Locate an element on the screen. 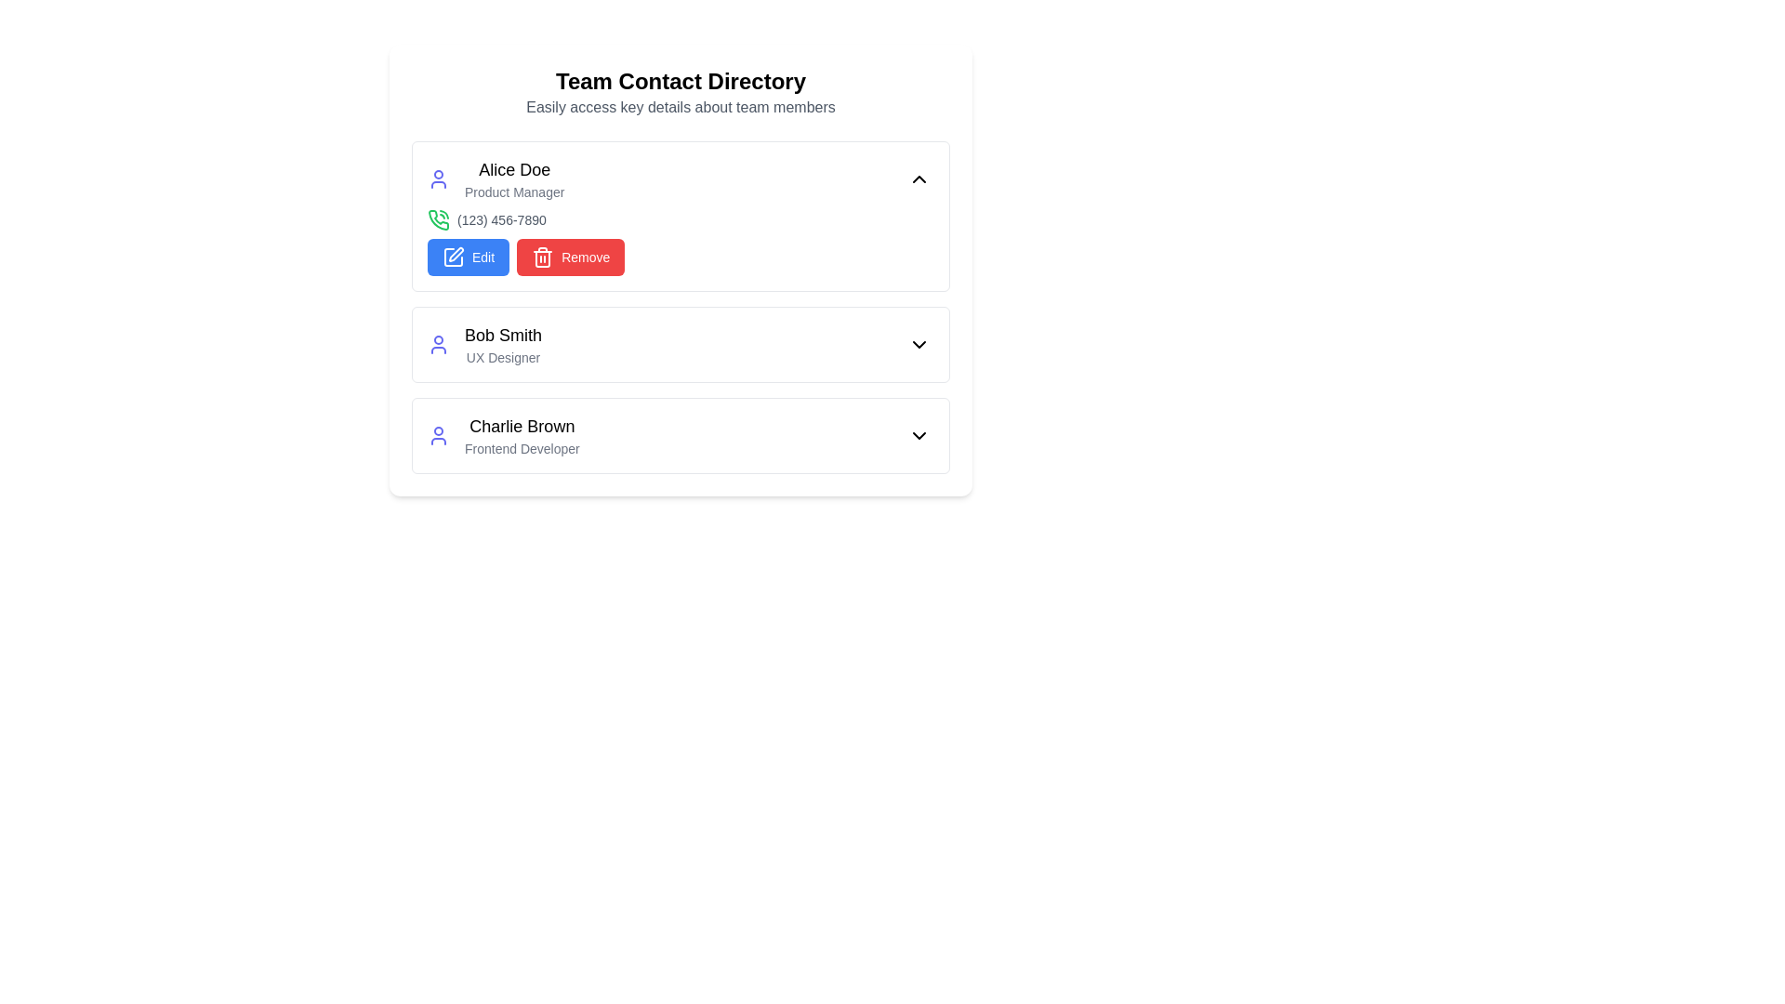 Image resolution: width=1785 pixels, height=1004 pixels. the trash bin icon with a red background, outlined in white, located to the right of the 'Remove' button for Alice Doe's contact card is located at coordinates (542, 258).